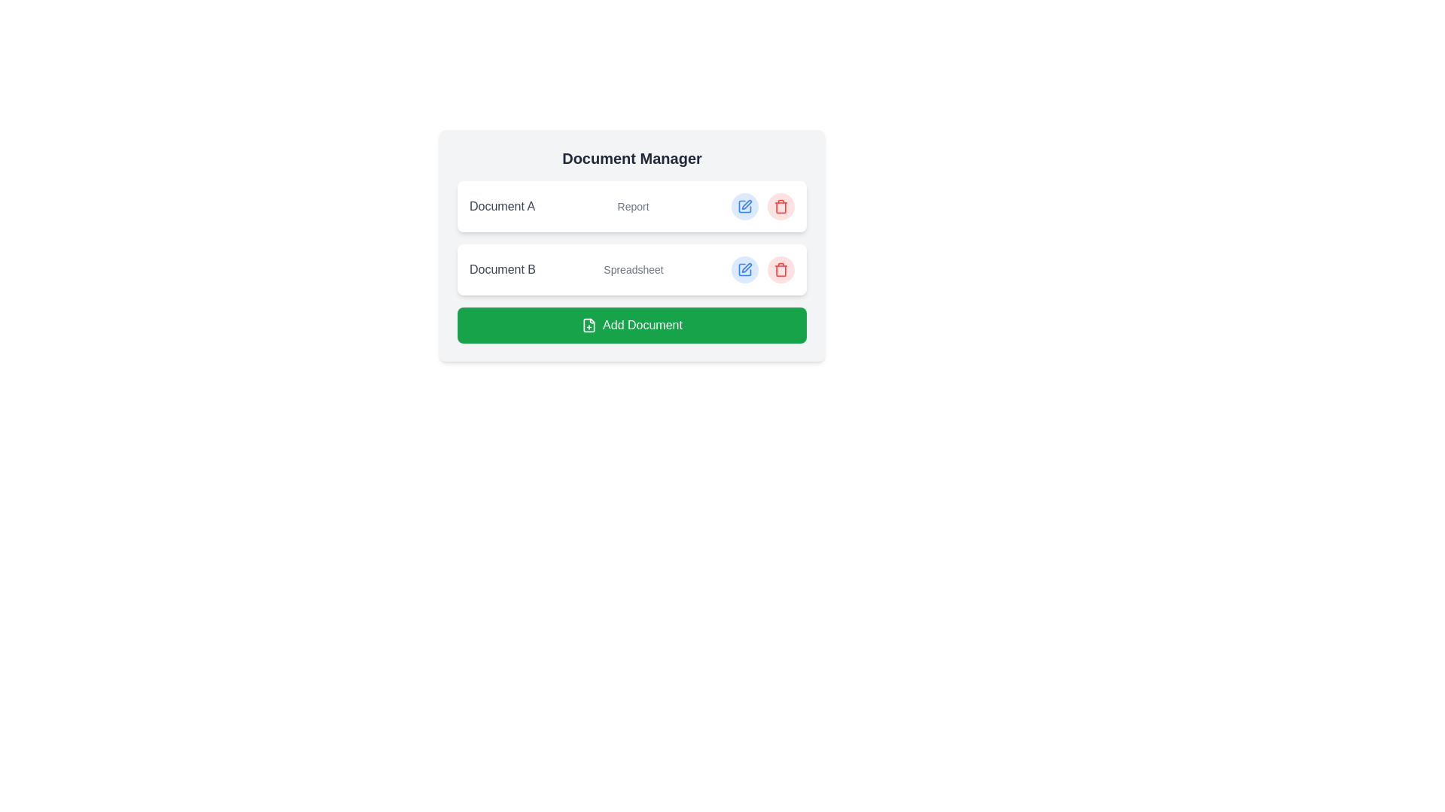 This screenshot has width=1445, height=812. Describe the element at coordinates (744, 206) in the screenshot. I see `the pen icon within the blue circular button` at that location.